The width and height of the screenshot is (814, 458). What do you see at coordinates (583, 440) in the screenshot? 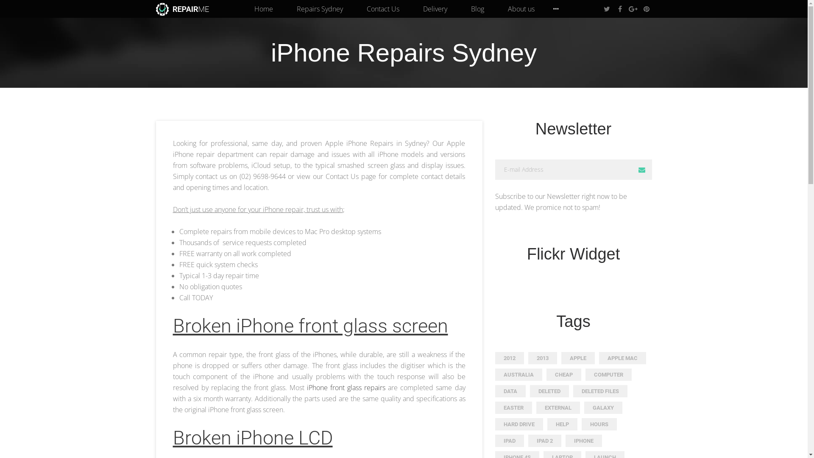
I see `'IPHONE'` at bounding box center [583, 440].